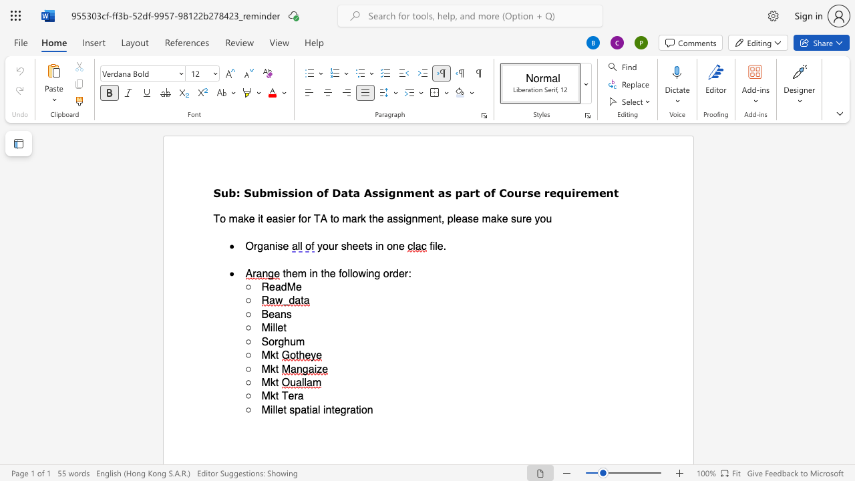 This screenshot has height=481, width=855. I want to click on the space between the continuous character "s" and "e" in the text, so click(532, 192).